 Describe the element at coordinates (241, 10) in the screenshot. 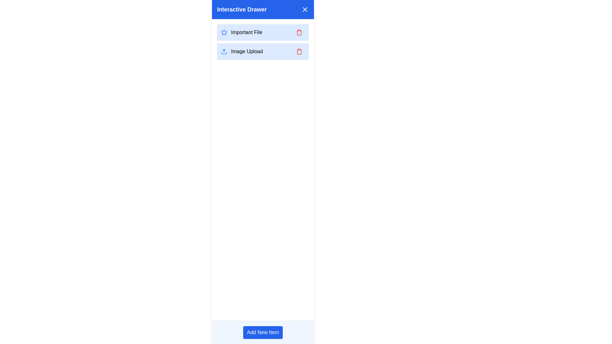

I see `the text label displaying 'Interactive Drawer' located in the blue header bar at the top of the panel` at that location.